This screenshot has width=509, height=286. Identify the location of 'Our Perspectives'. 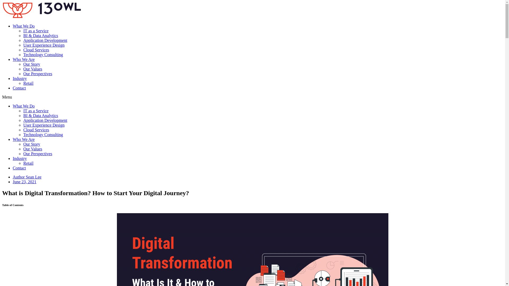
(37, 74).